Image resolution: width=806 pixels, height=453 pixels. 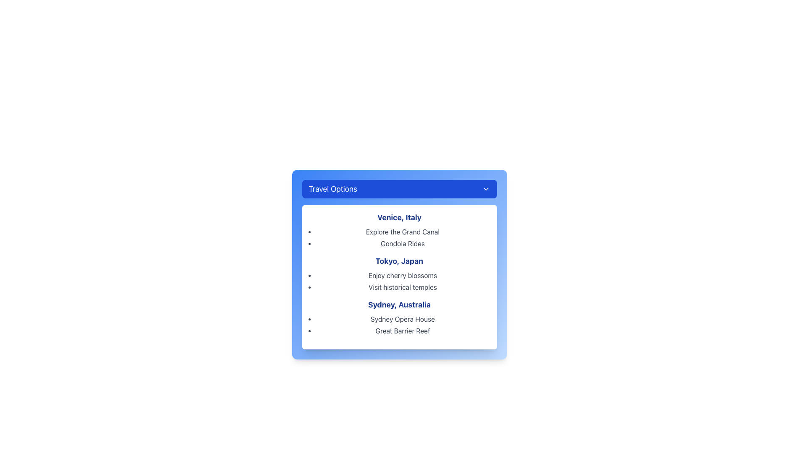 What do you see at coordinates (402, 275) in the screenshot?
I see `text content of the first bullet point entry 'Enjoy cherry blossoms' located under the 'Tokyo, Japan' section` at bounding box center [402, 275].